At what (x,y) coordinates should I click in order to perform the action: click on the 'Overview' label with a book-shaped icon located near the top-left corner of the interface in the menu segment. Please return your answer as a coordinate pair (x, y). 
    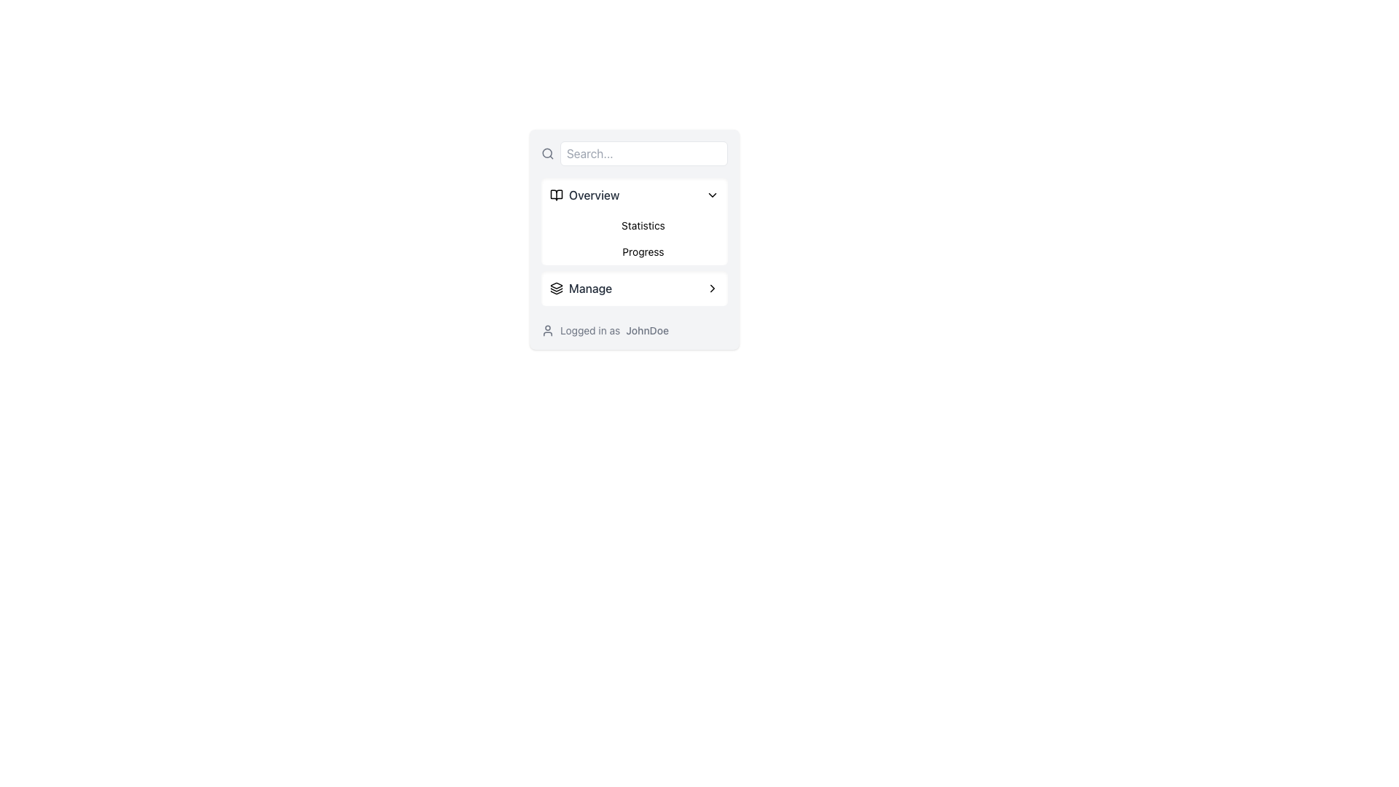
    Looking at the image, I should click on (584, 194).